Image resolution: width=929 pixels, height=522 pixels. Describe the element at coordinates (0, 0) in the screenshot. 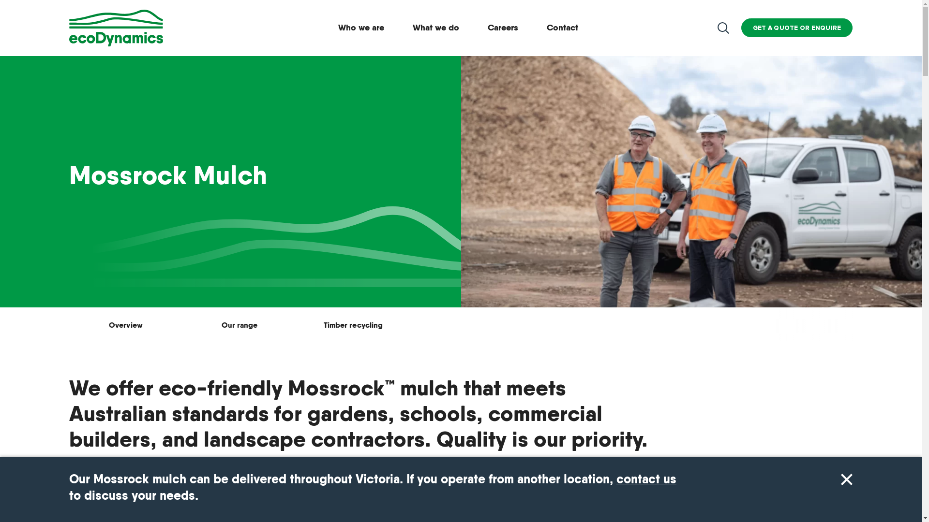

I see `'Skip to content'` at that location.